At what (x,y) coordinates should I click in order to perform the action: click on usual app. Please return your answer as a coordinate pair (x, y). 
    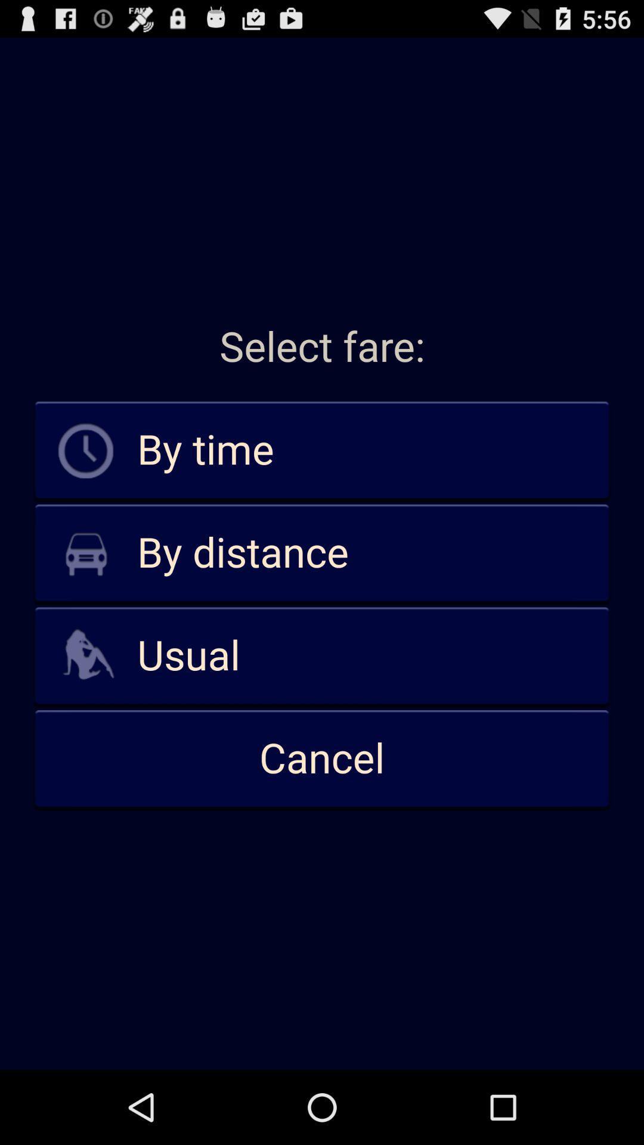
    Looking at the image, I should click on (322, 655).